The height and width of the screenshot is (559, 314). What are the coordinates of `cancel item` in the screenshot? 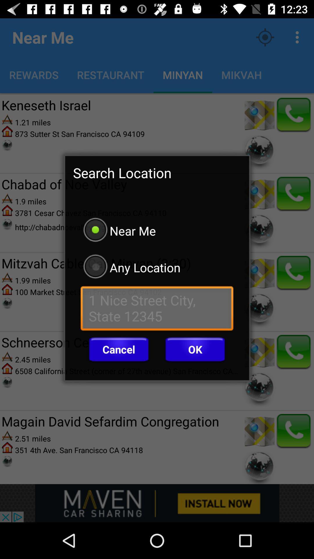 It's located at (118, 349).